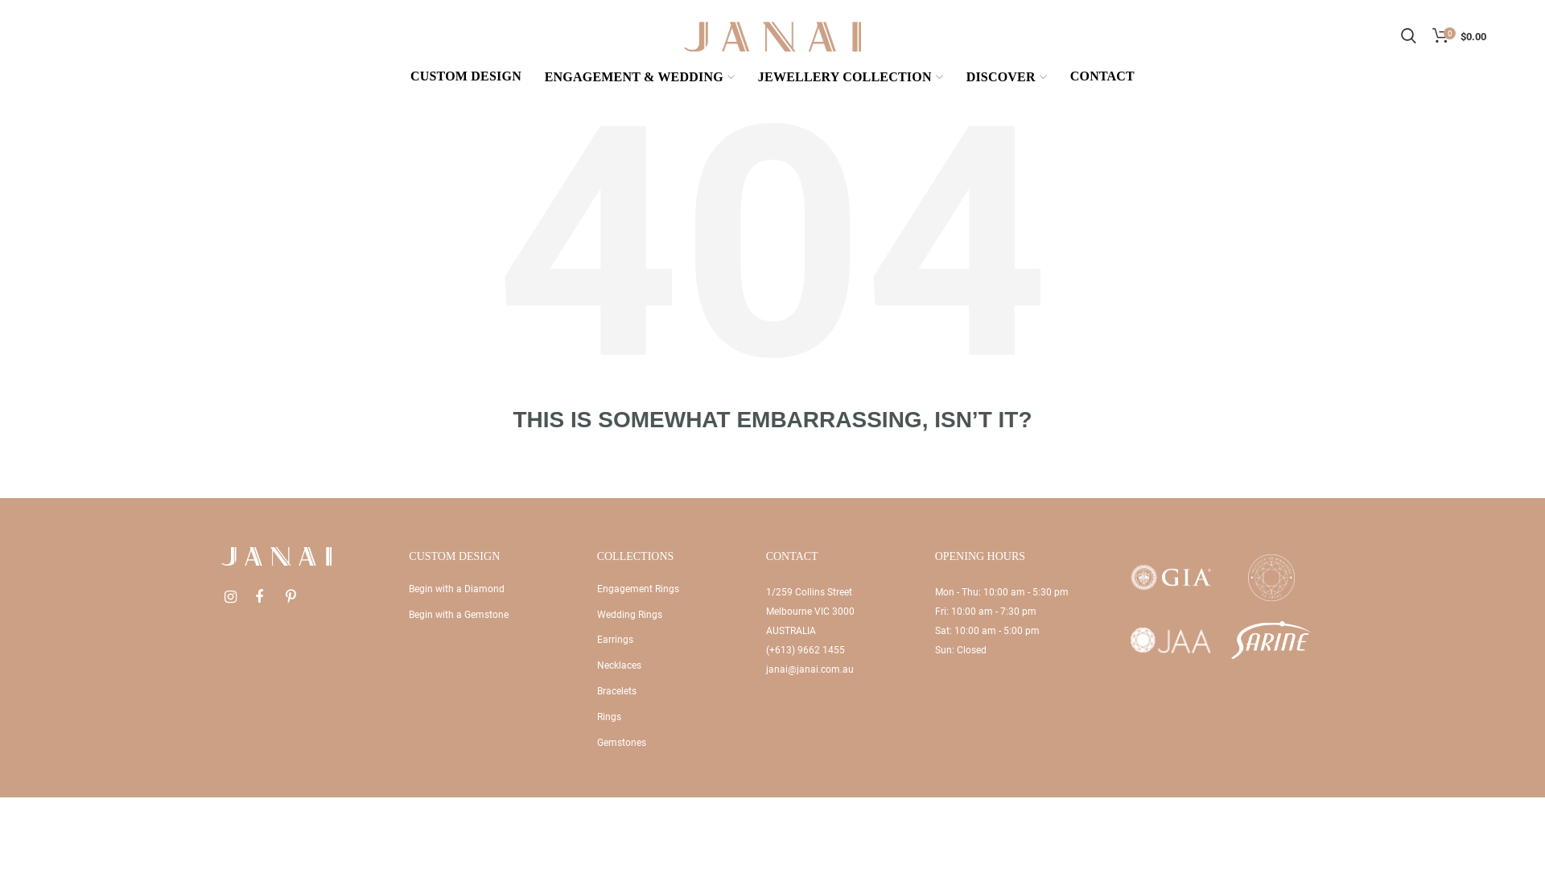 The height and width of the screenshot is (869, 1545). What do you see at coordinates (1459, 36) in the screenshot?
I see `'0` at bounding box center [1459, 36].